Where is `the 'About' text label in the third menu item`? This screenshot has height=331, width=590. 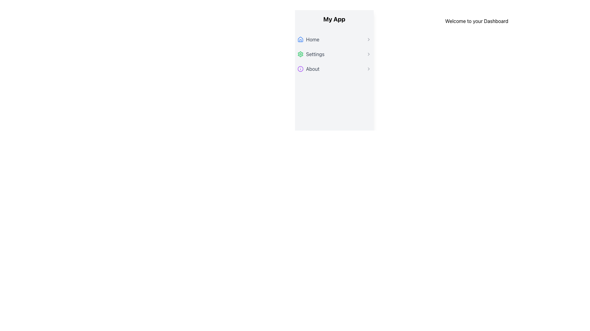
the 'About' text label in the third menu item is located at coordinates (313, 69).